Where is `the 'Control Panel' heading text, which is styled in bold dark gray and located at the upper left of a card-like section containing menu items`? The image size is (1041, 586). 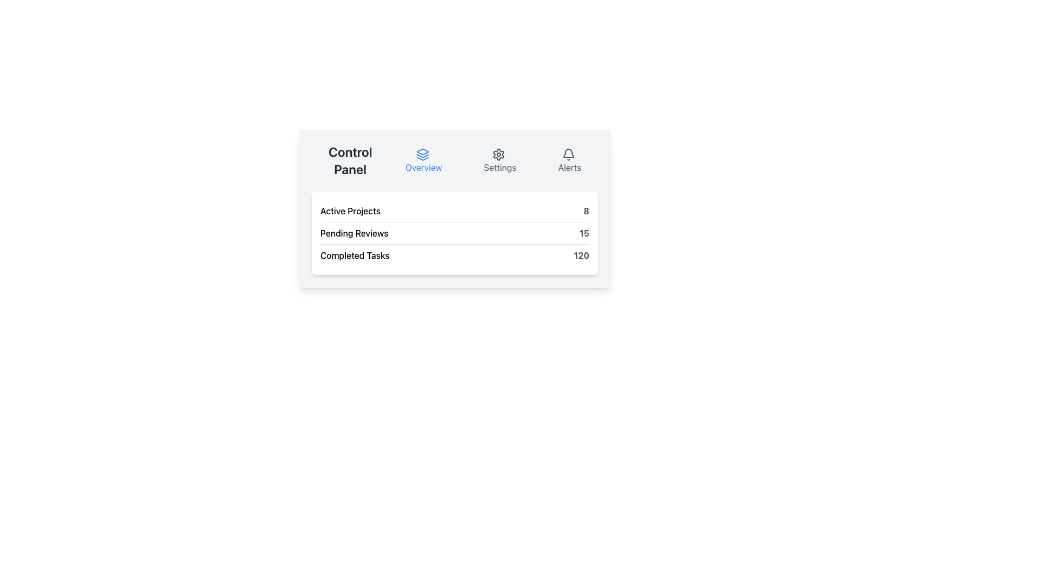
the 'Control Panel' heading text, which is styled in bold dark gray and located at the upper left of a card-like section containing menu items is located at coordinates (350, 160).